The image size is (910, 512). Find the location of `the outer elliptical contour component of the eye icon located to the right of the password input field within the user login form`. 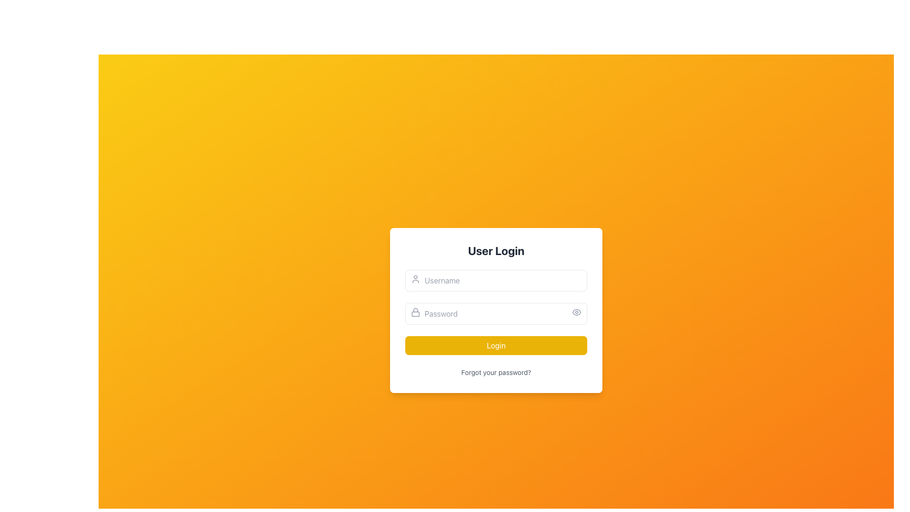

the outer elliptical contour component of the eye icon located to the right of the password input field within the user login form is located at coordinates (576, 312).